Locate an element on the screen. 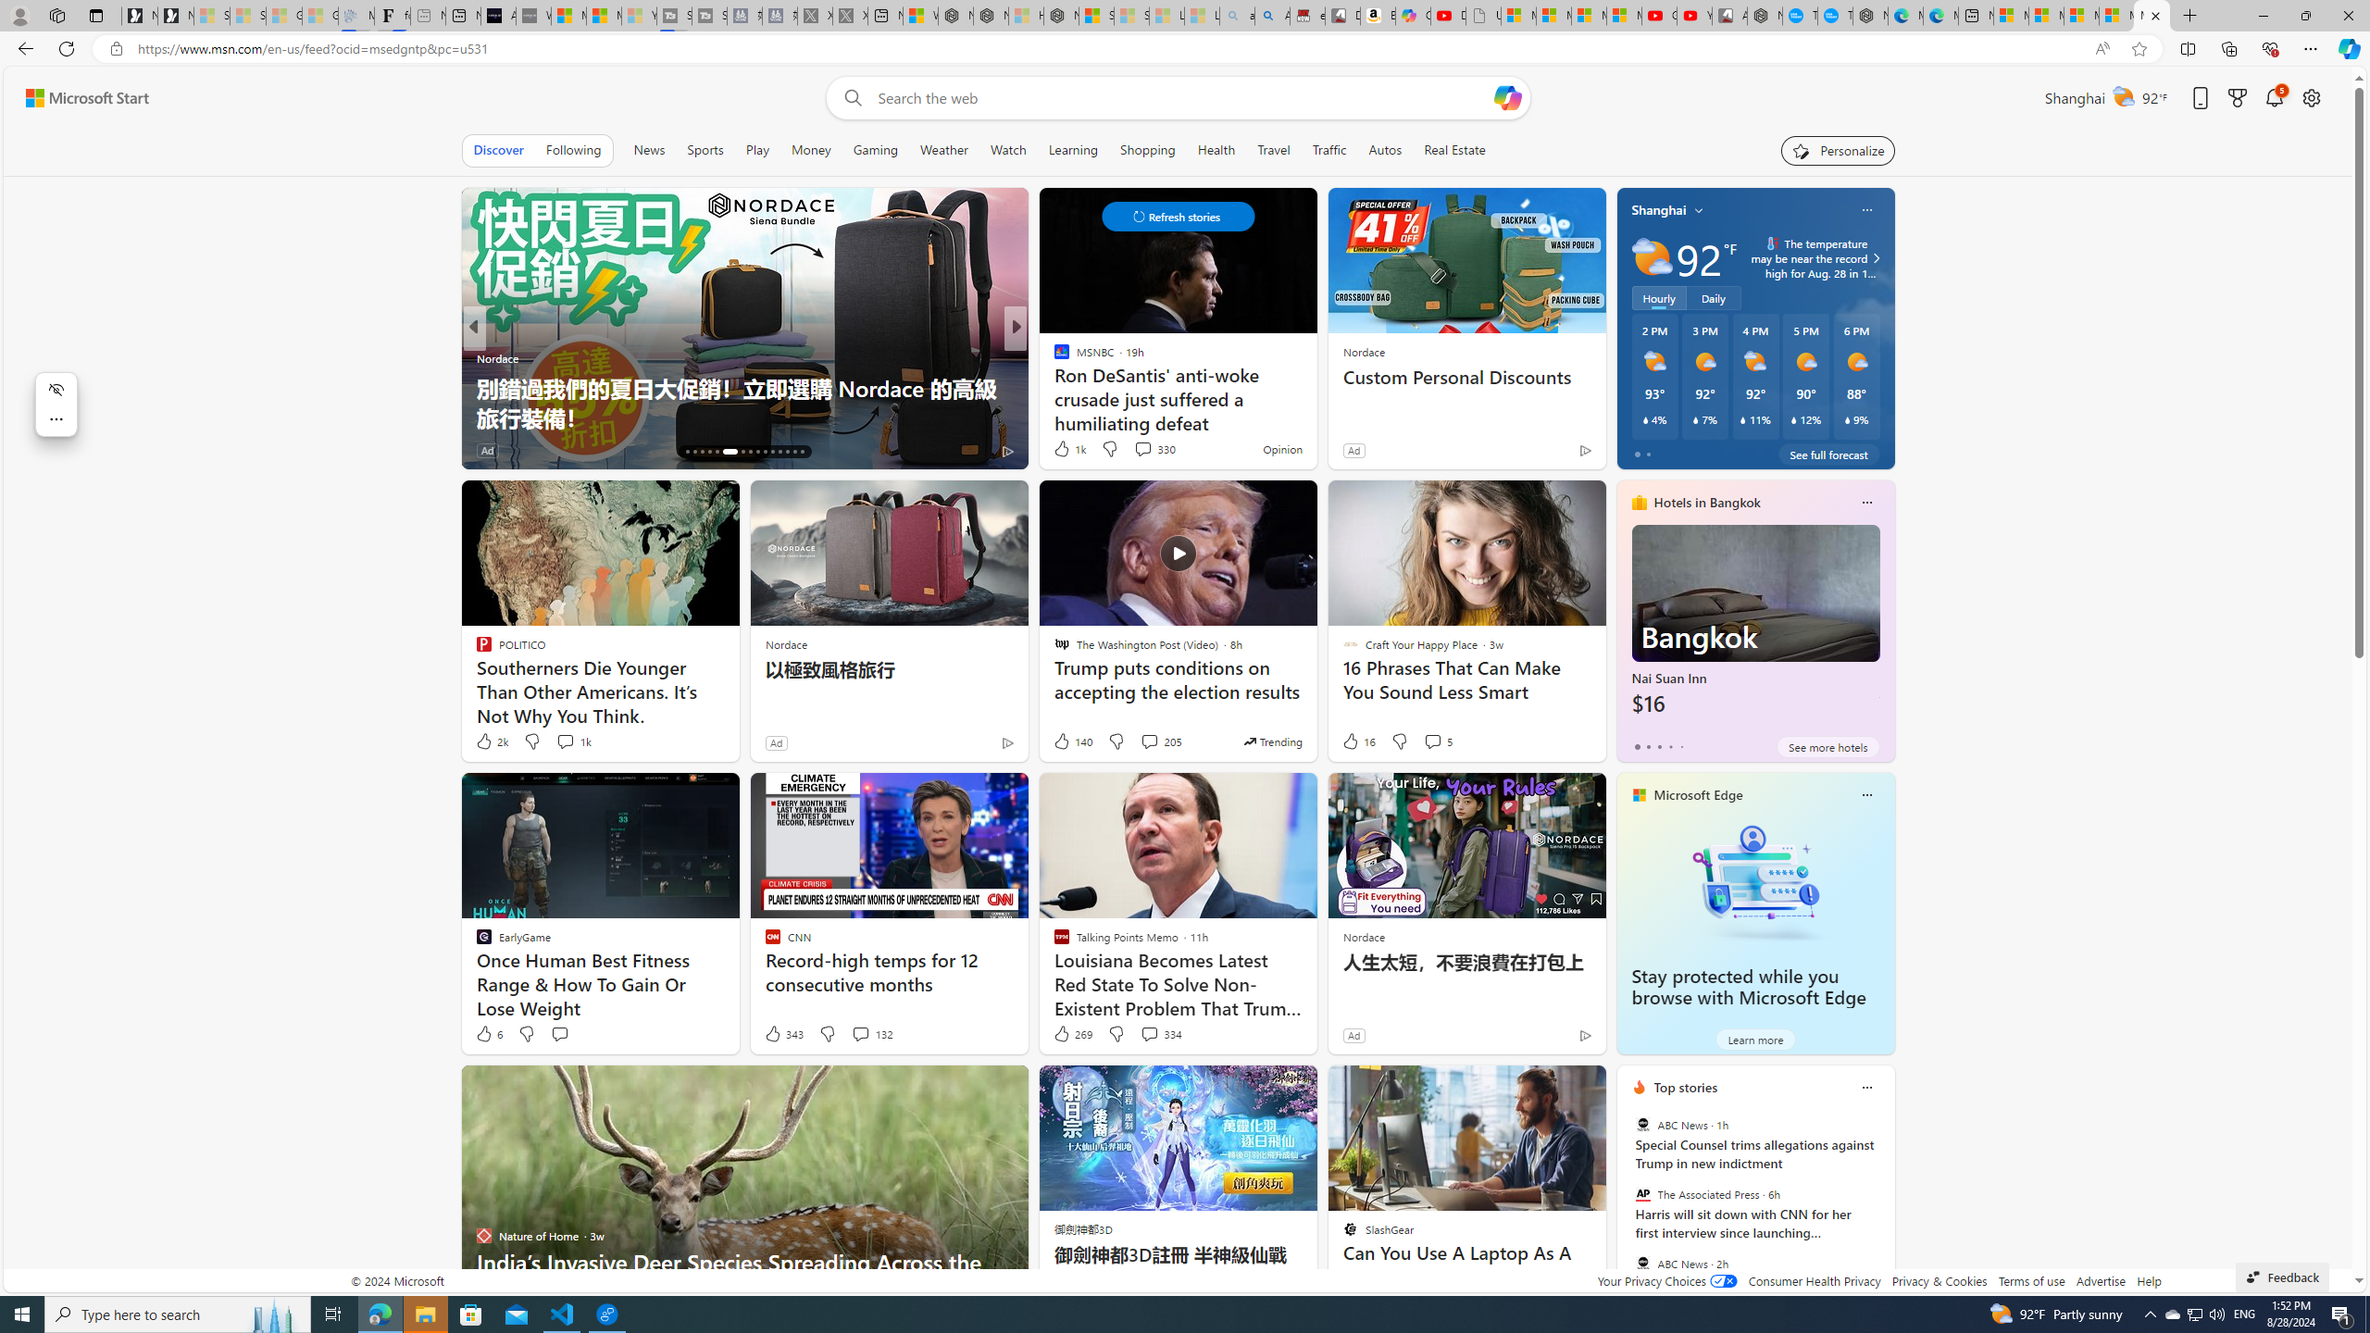 This screenshot has height=1333, width=2370. 'Your Privacy Choices' is located at coordinates (1665, 1279).